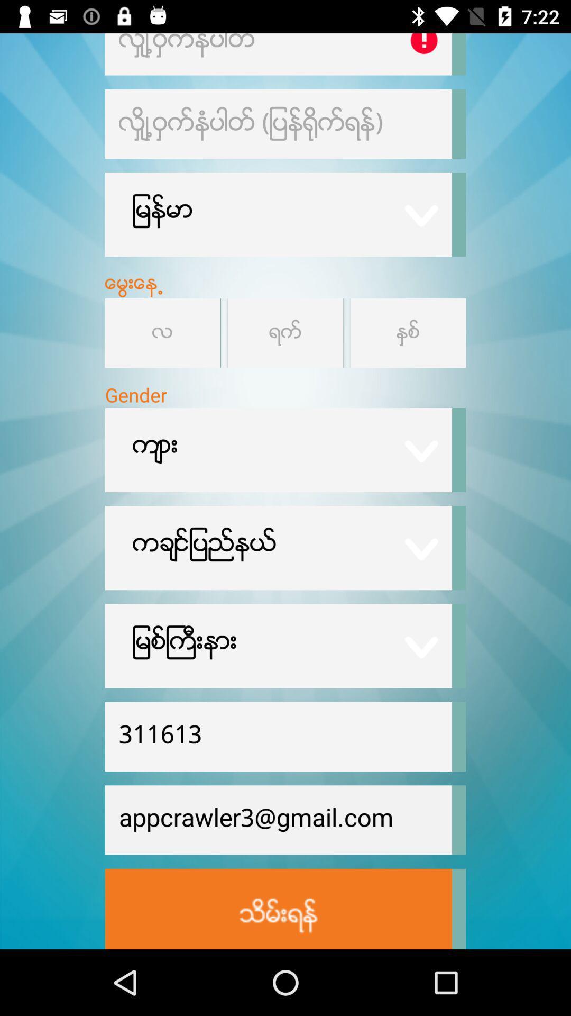 This screenshot has width=571, height=1016. Describe the element at coordinates (278, 53) in the screenshot. I see `change a profile setting` at that location.